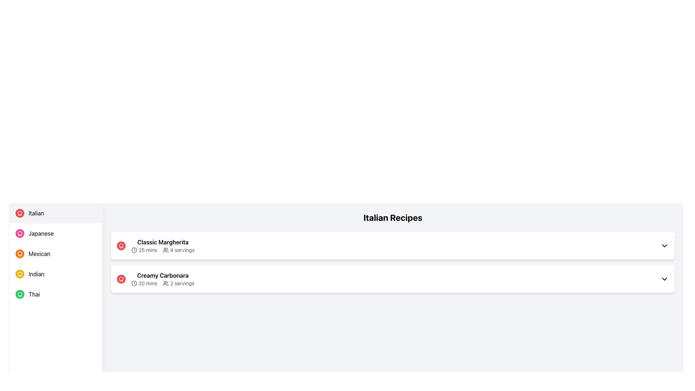  Describe the element at coordinates (155, 279) in the screenshot. I see `the Content Display Section for 'Creamy Carbonara'` at that location.